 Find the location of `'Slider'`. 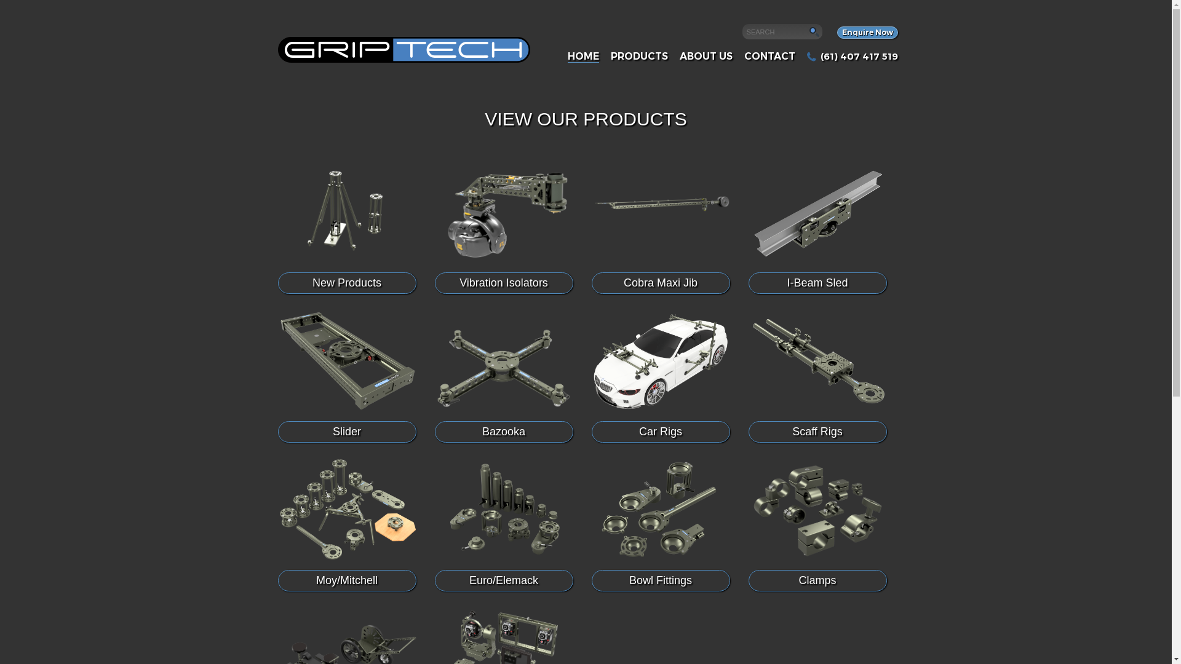

'Slider' is located at coordinates (277, 375).